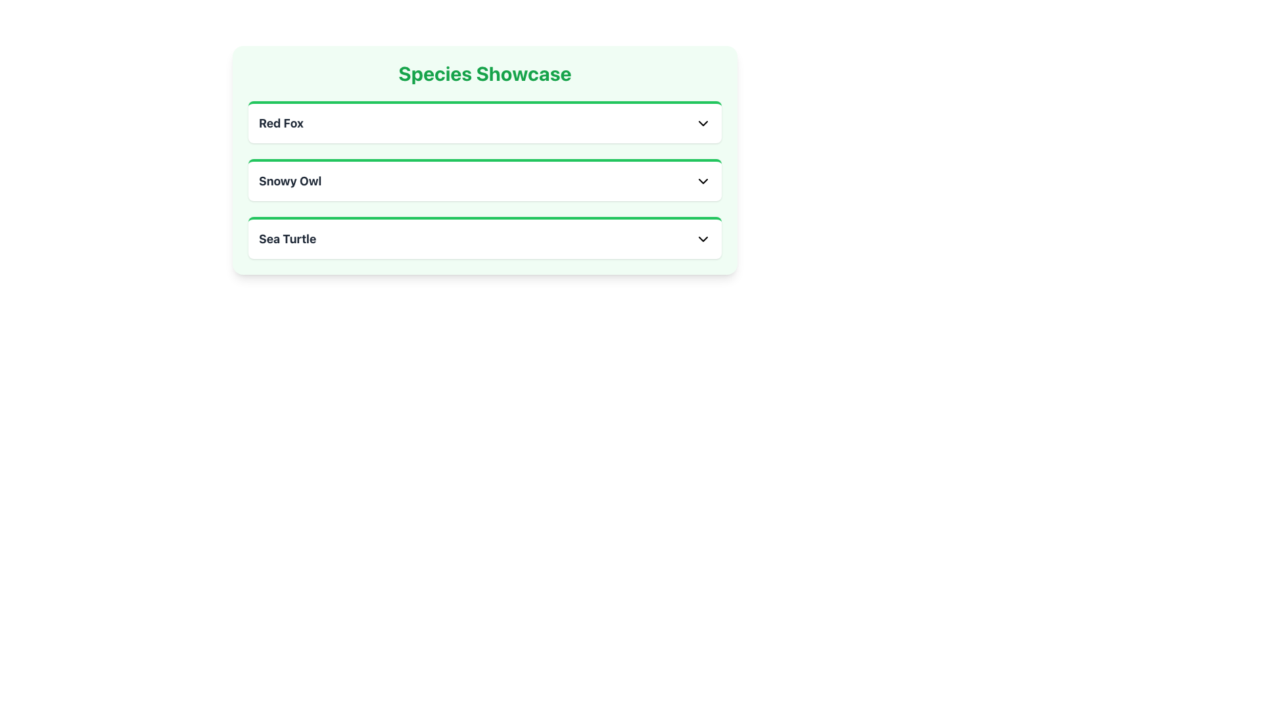 The height and width of the screenshot is (710, 1262). I want to click on the downward-pointing chevron icon with a black stroke located to the far right of the 'Snowy Owl' section, indicating an expandable or collapsible area, so click(703, 181).